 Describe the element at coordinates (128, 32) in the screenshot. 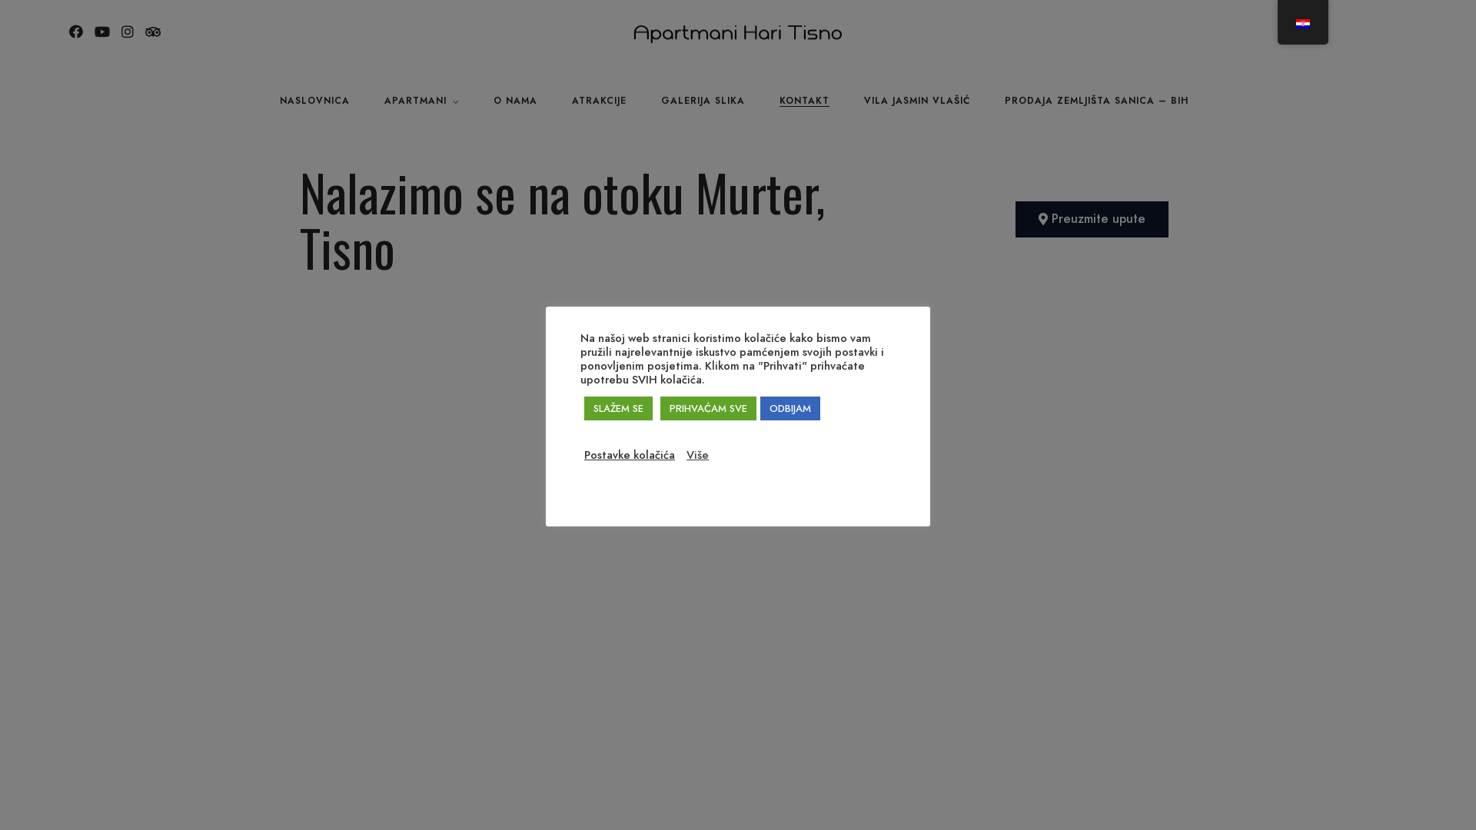

I see `'Instagram'` at that location.